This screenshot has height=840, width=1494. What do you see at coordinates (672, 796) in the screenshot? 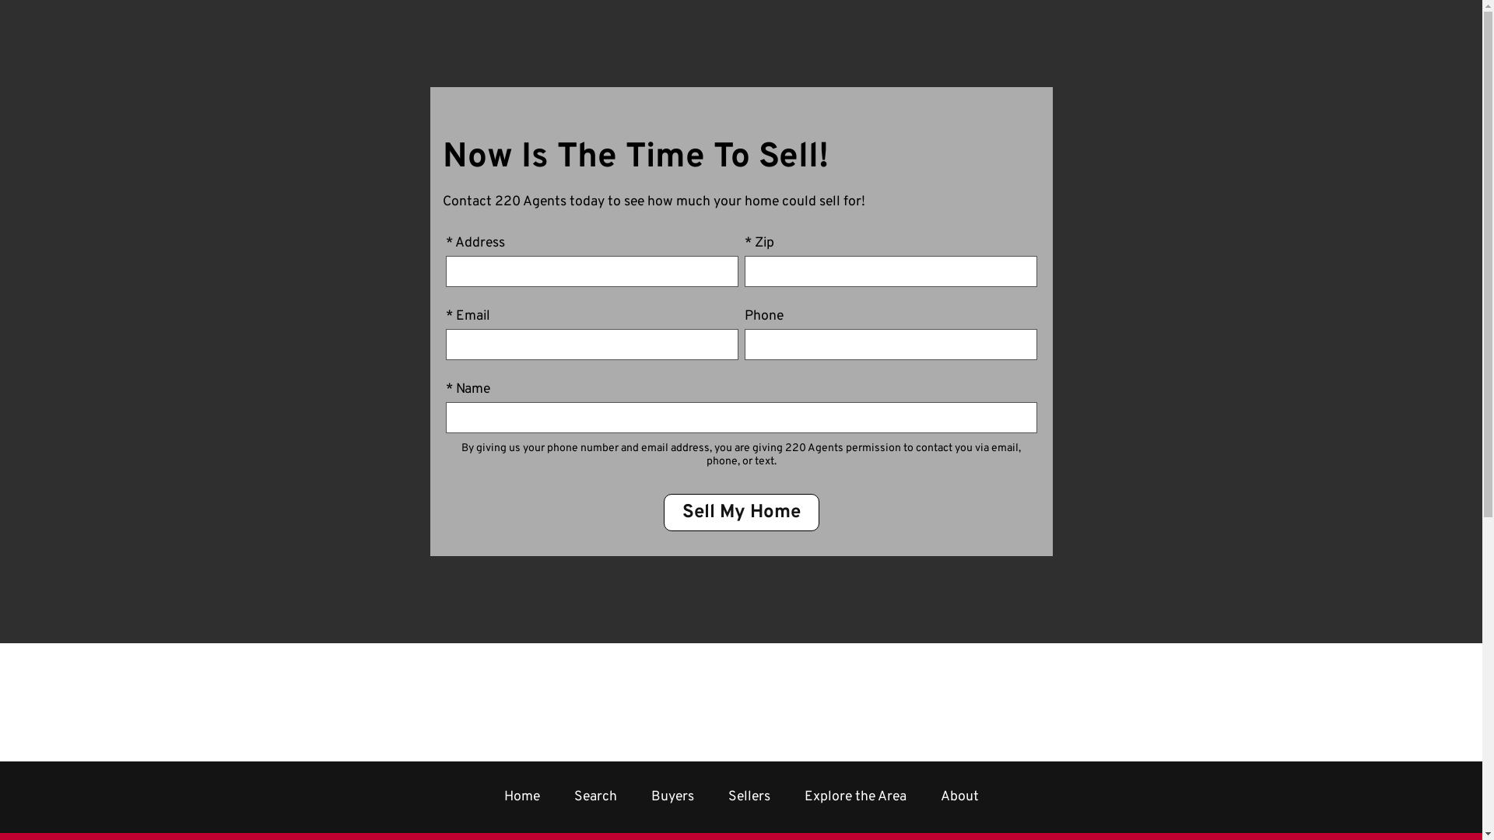
I see `'Buyers'` at bounding box center [672, 796].